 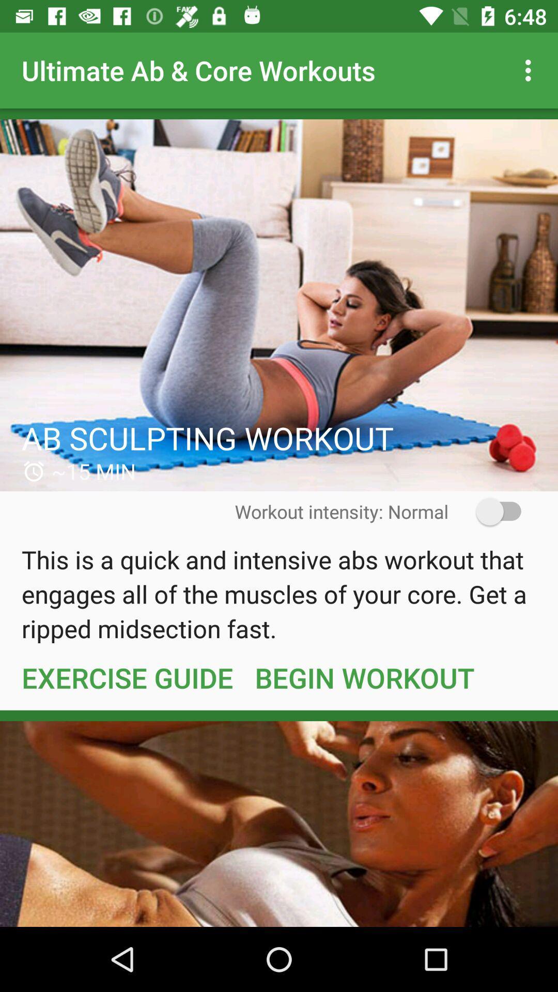 I want to click on icon on the right, so click(x=491, y=512).